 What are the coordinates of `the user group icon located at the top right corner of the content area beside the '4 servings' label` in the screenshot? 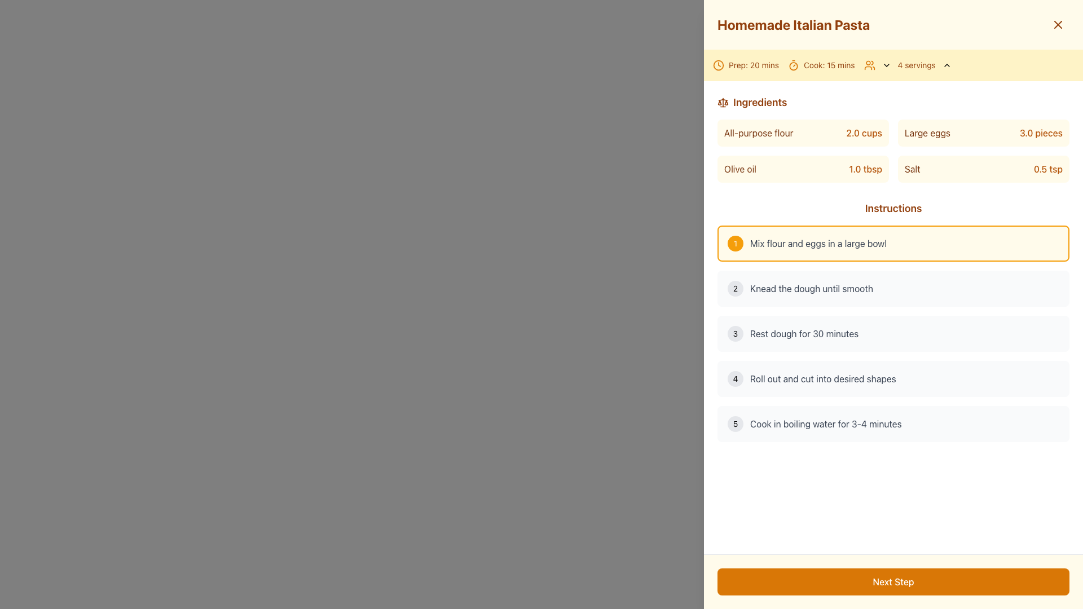 It's located at (869, 65).